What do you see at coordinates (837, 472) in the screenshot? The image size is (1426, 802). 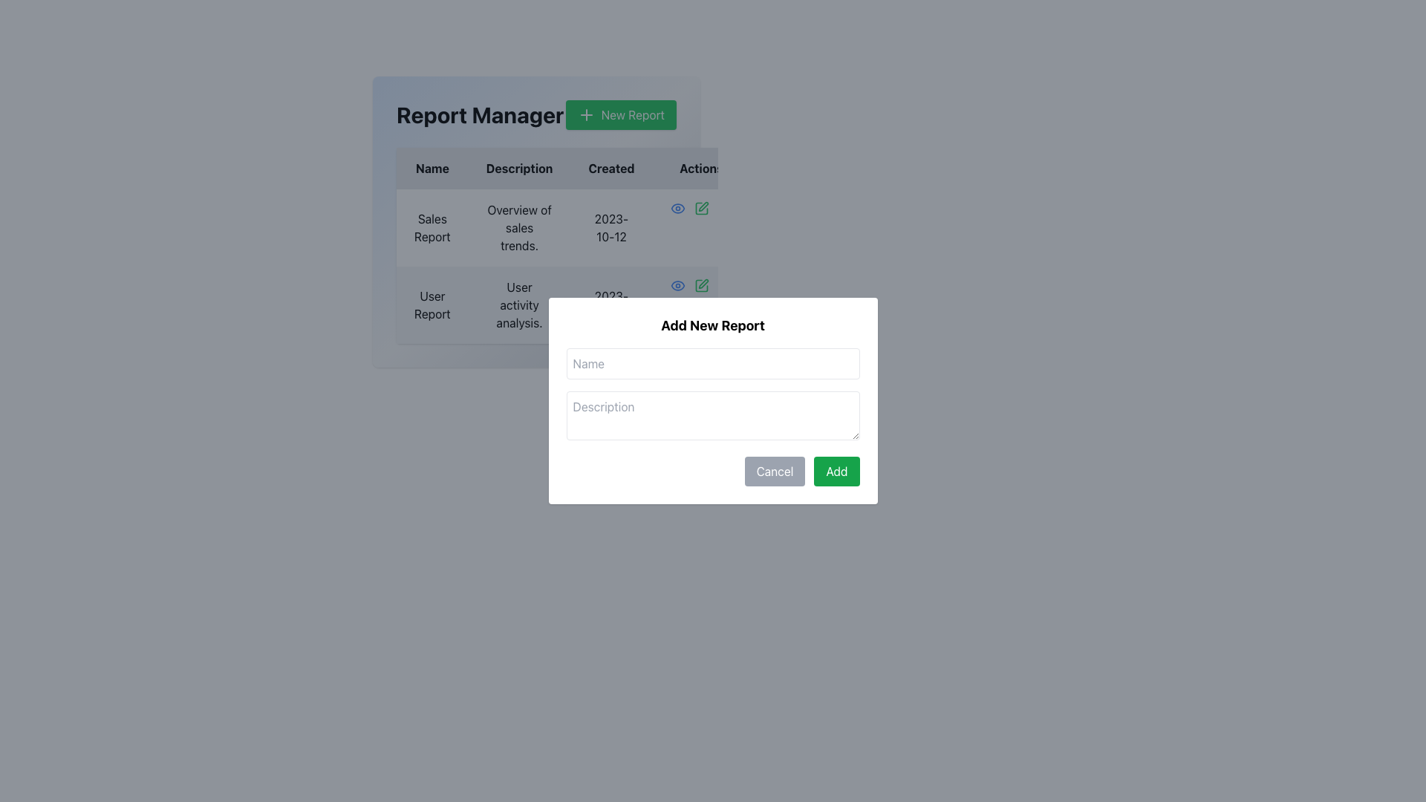 I see `the 'Add' button with a green background and rounded corners located at the bottom right of the modal dialog box` at bounding box center [837, 472].